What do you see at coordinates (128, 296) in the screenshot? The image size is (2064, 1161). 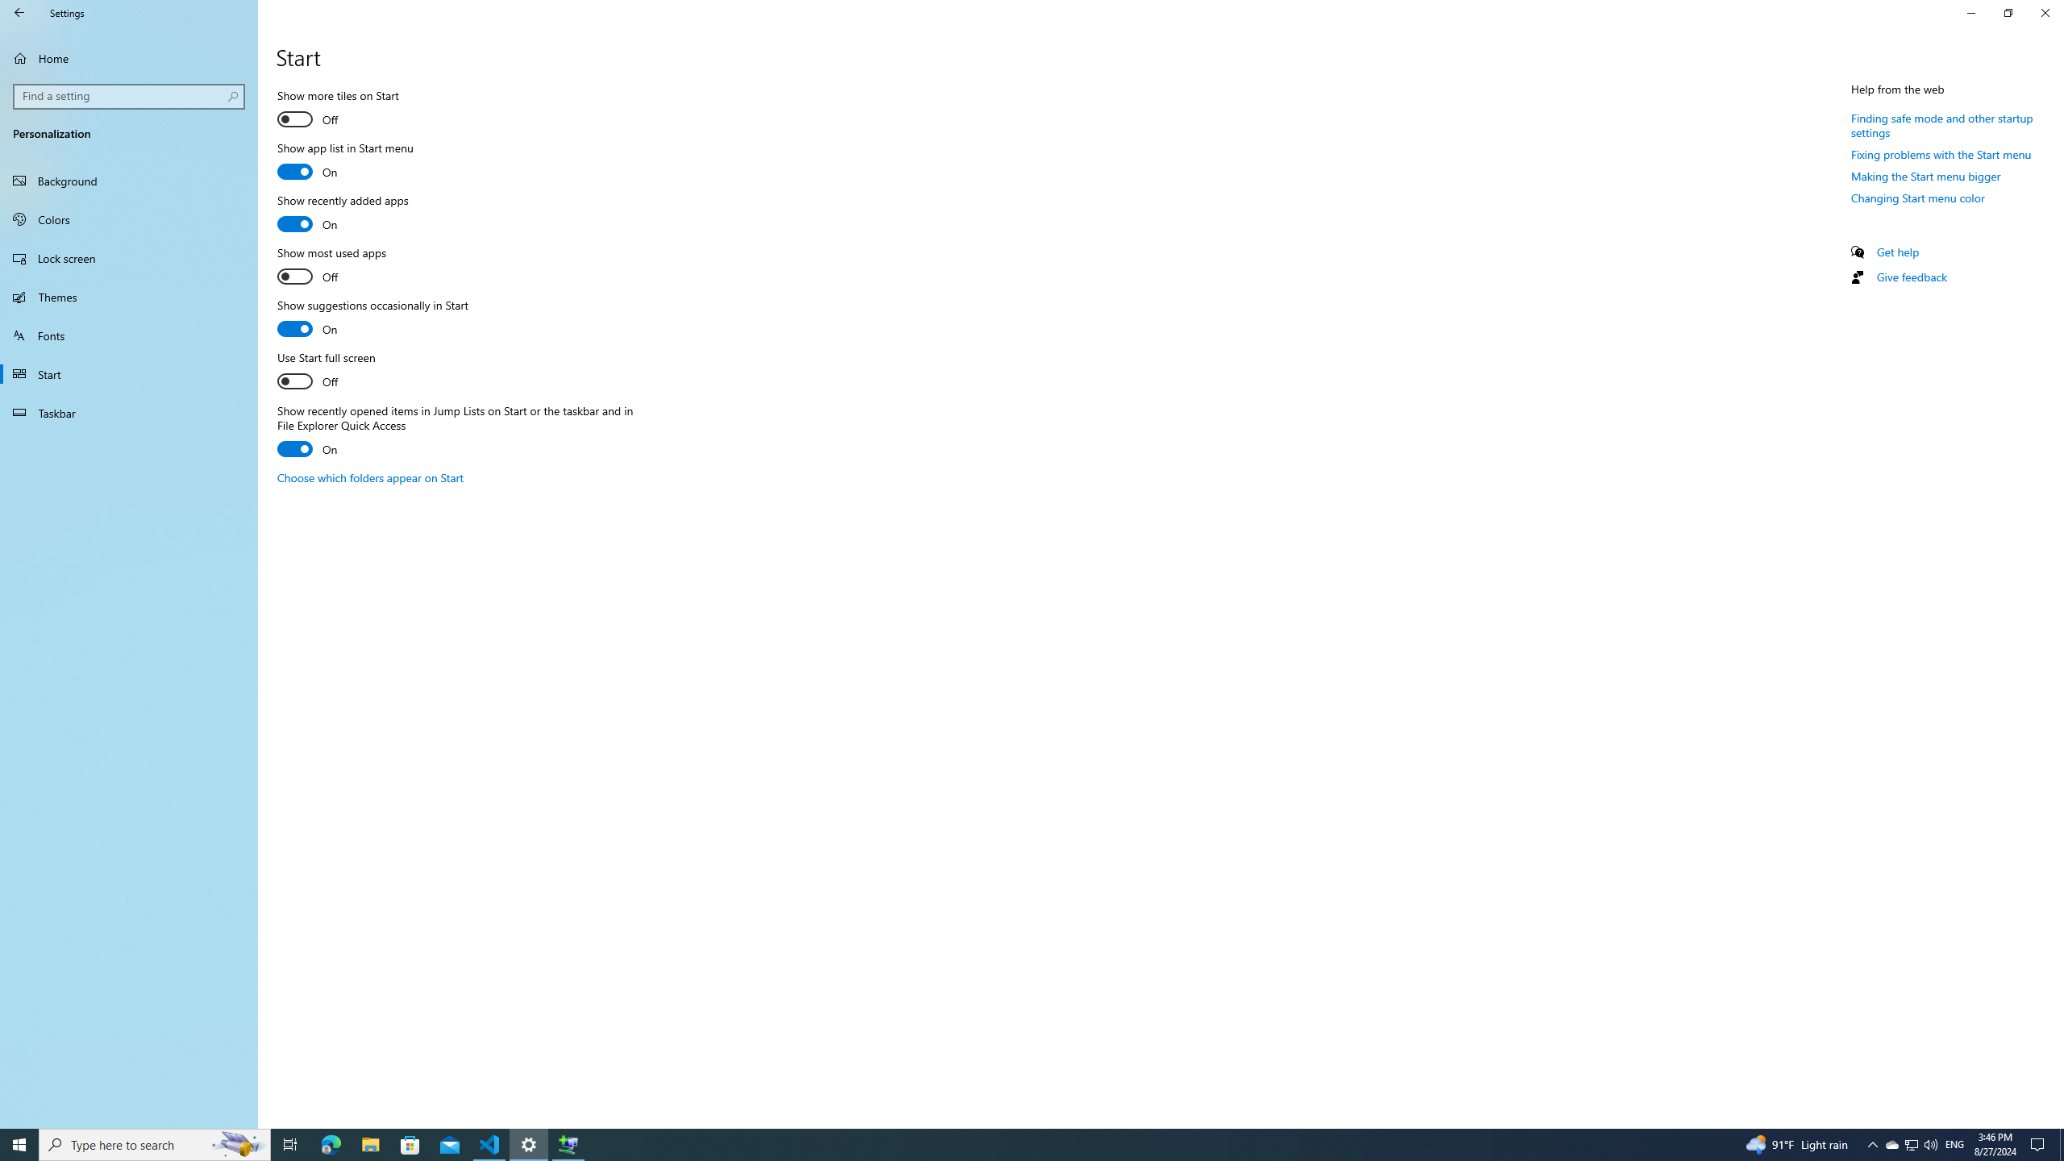 I see `'Themes'` at bounding box center [128, 296].